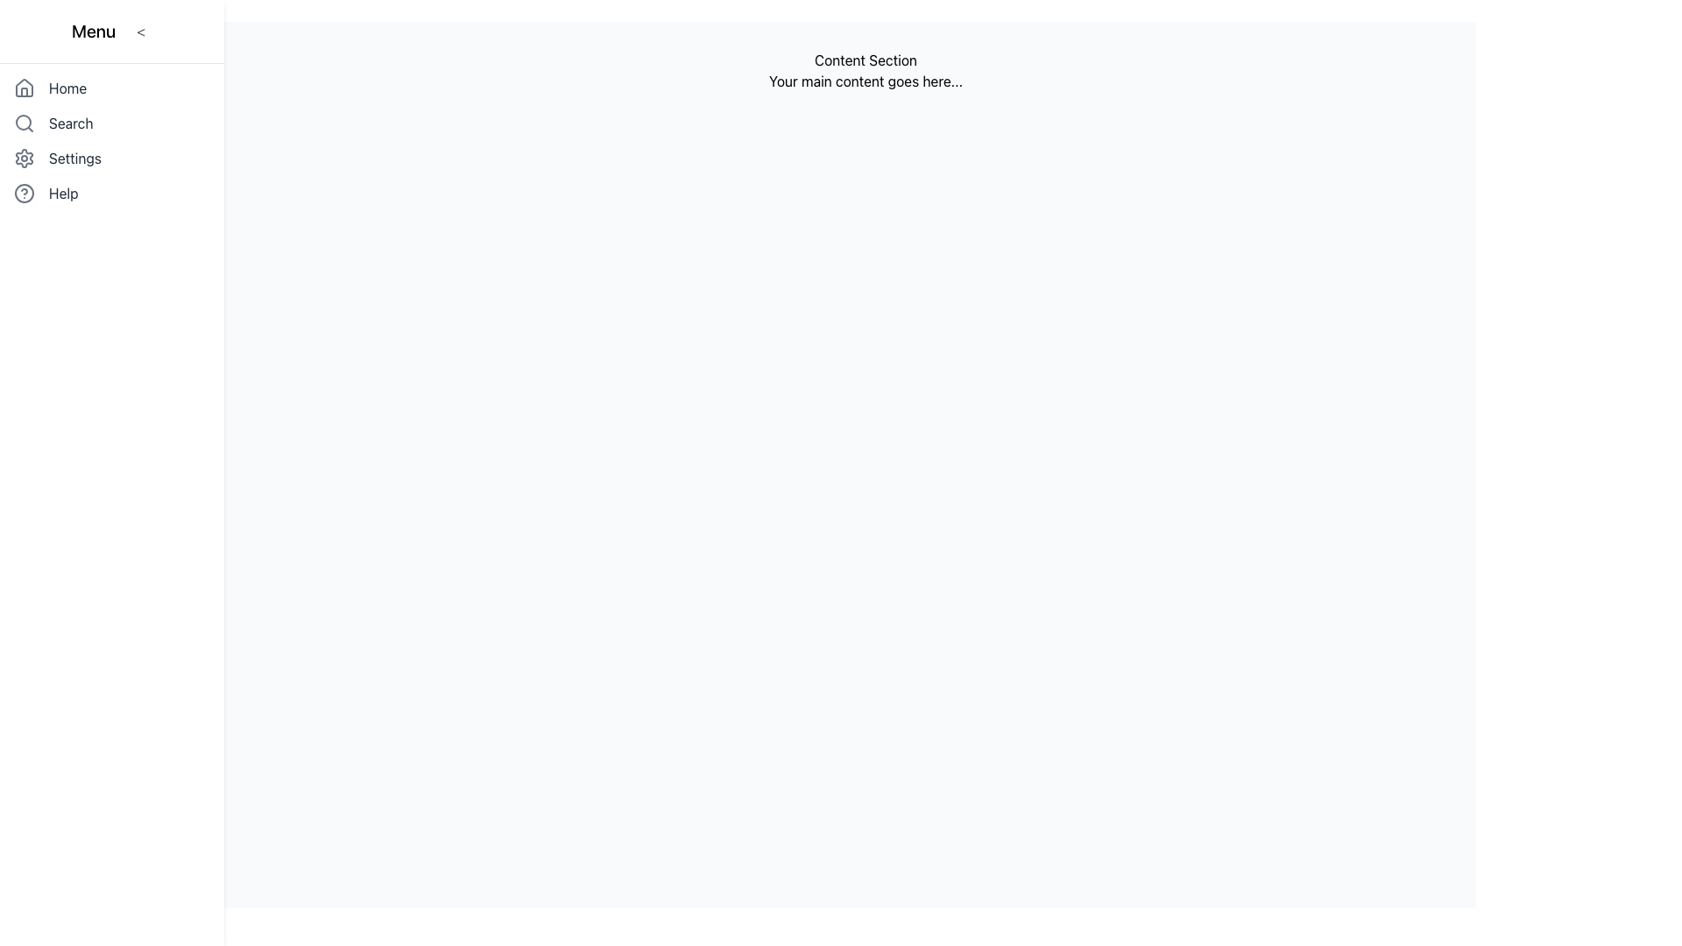  I want to click on the gear icon in the sidebar menu, which represents settings functionality and is styled with a gray color, so click(25, 159).